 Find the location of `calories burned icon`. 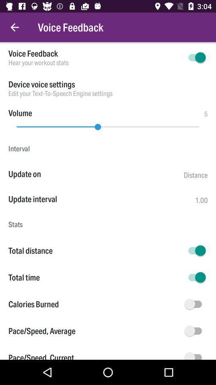

calories burned icon is located at coordinates (95, 304).